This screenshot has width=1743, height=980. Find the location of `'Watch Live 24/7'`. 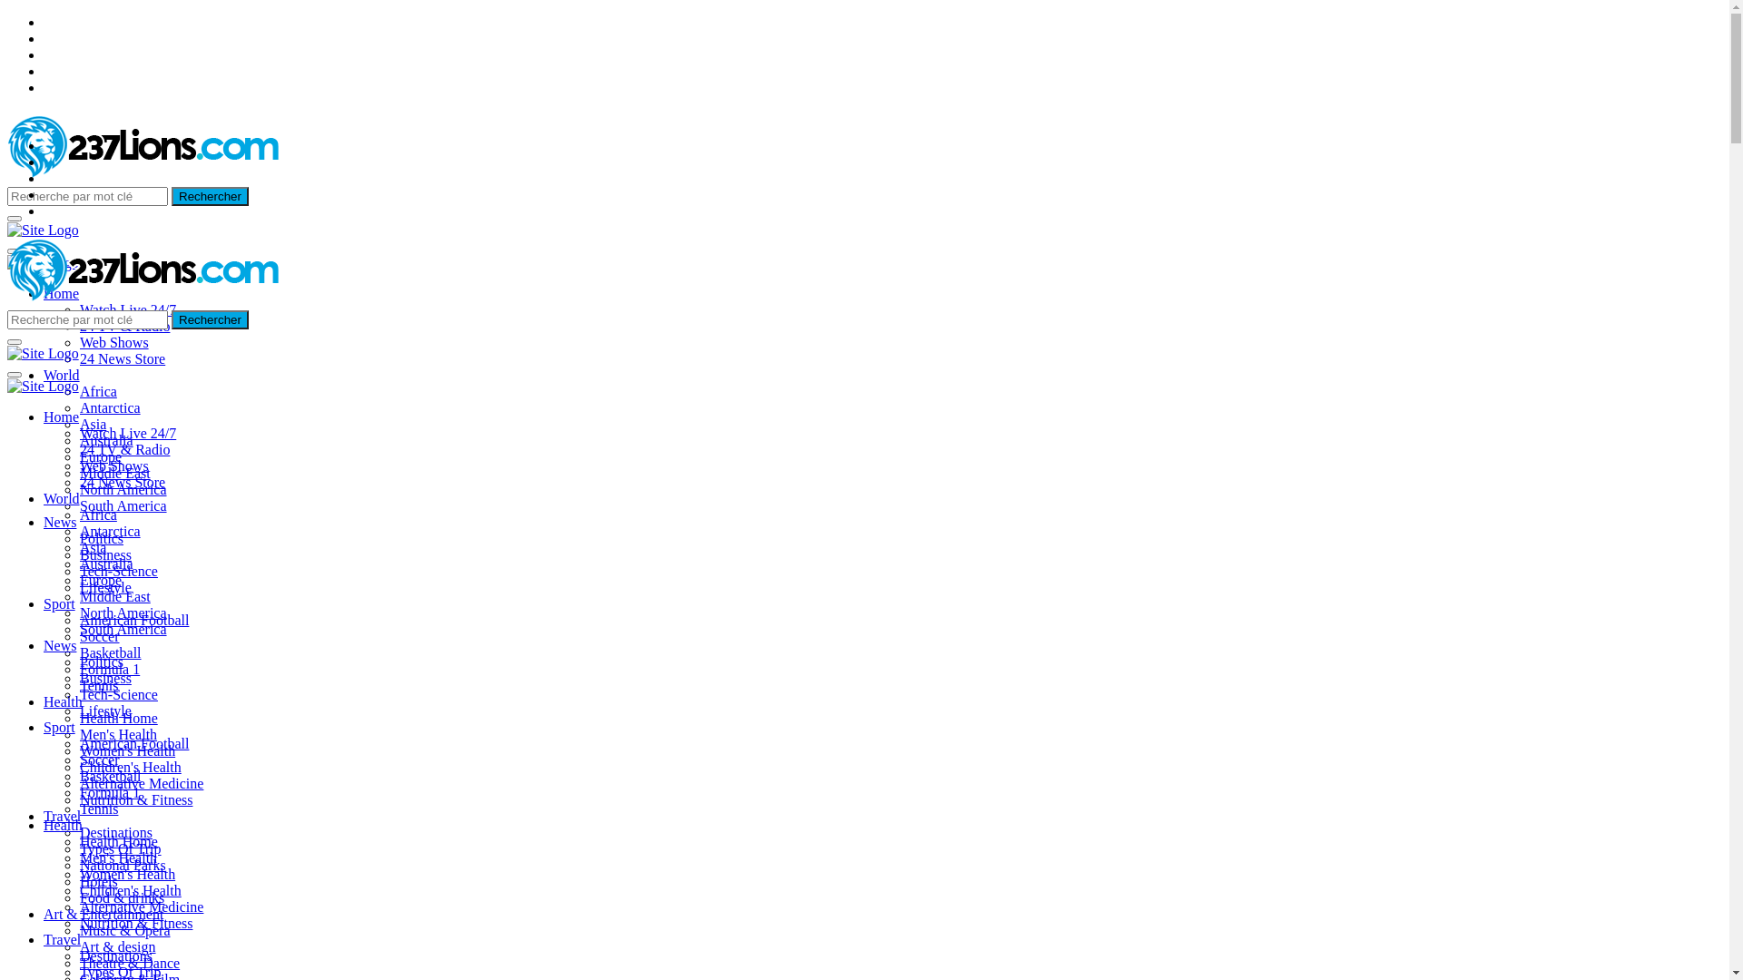

'Watch Live 24/7' is located at coordinates (126, 433).